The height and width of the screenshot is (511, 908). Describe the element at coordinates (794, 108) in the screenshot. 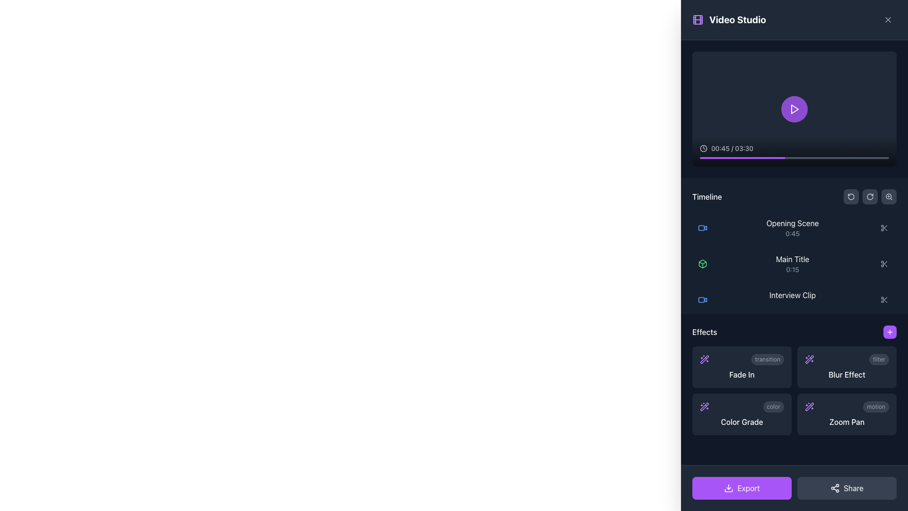

I see `the triangular play button icon with a white outline on a purple circular background located at the top center of the video player` at that location.